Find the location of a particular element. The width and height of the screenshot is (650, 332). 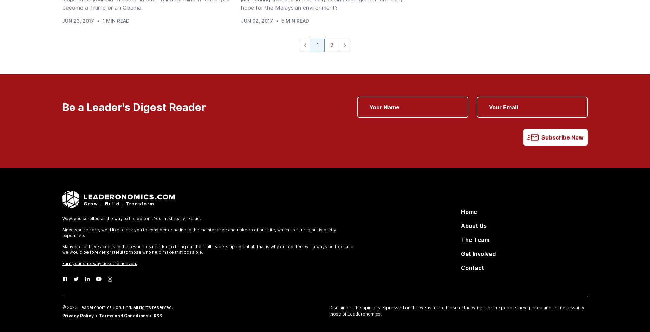

'2' is located at coordinates (331, 45).